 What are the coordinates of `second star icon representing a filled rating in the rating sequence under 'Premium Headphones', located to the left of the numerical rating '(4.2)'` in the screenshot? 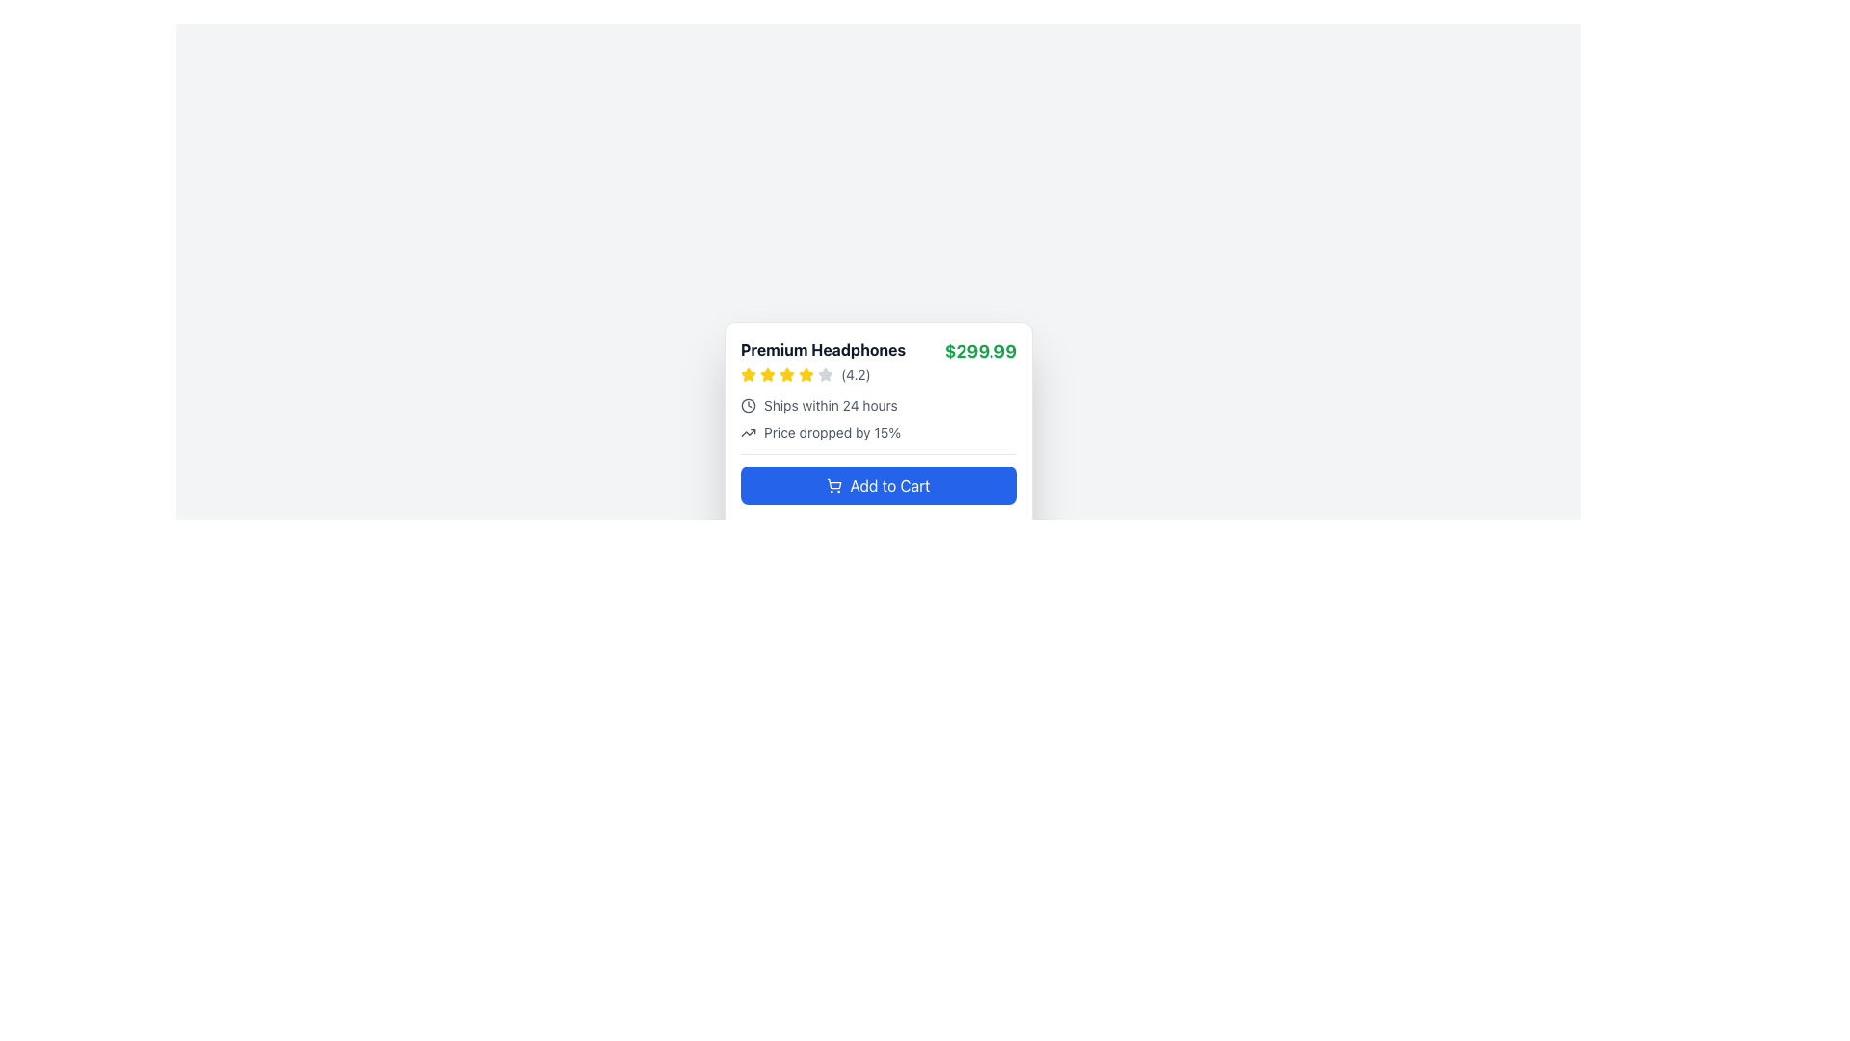 It's located at (748, 374).